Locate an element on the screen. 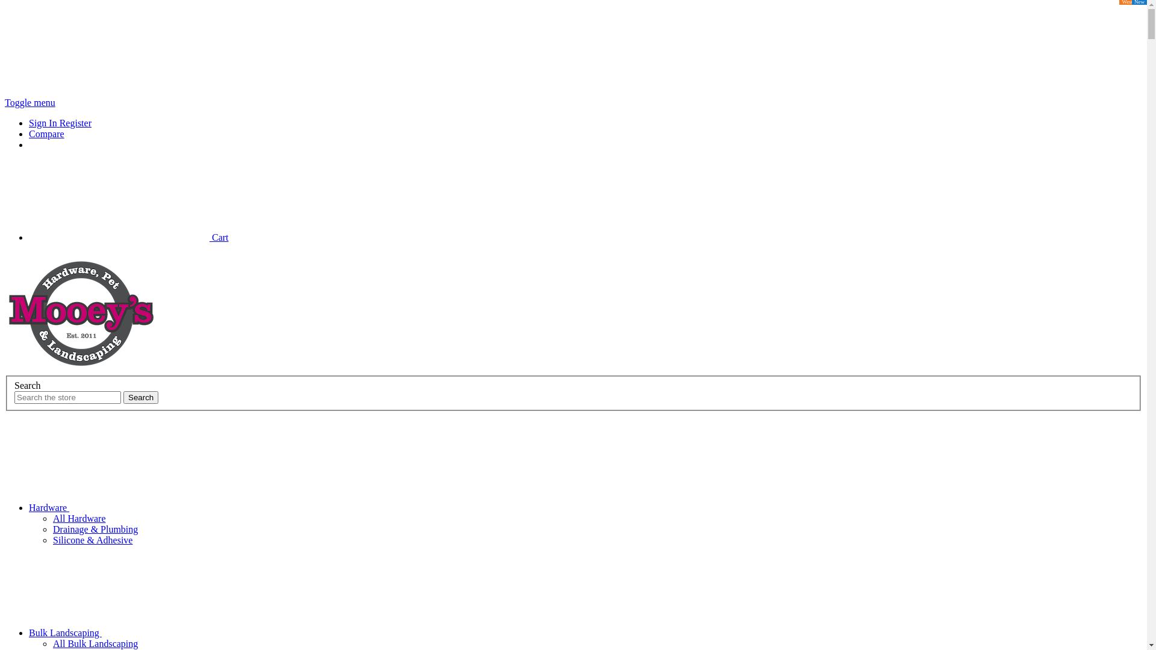  'Toggle menu' is located at coordinates (30, 102).